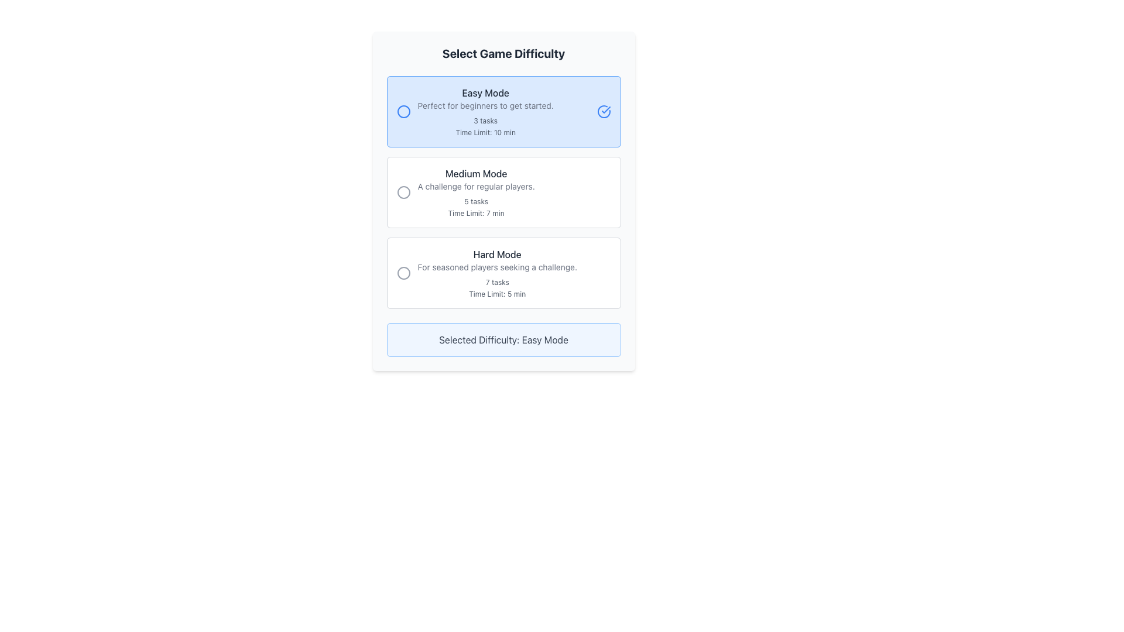 The width and height of the screenshot is (1124, 632). I want to click on the Text Label that informs the user about the number of tasks associated with 'Easy Mode', so click(485, 121).